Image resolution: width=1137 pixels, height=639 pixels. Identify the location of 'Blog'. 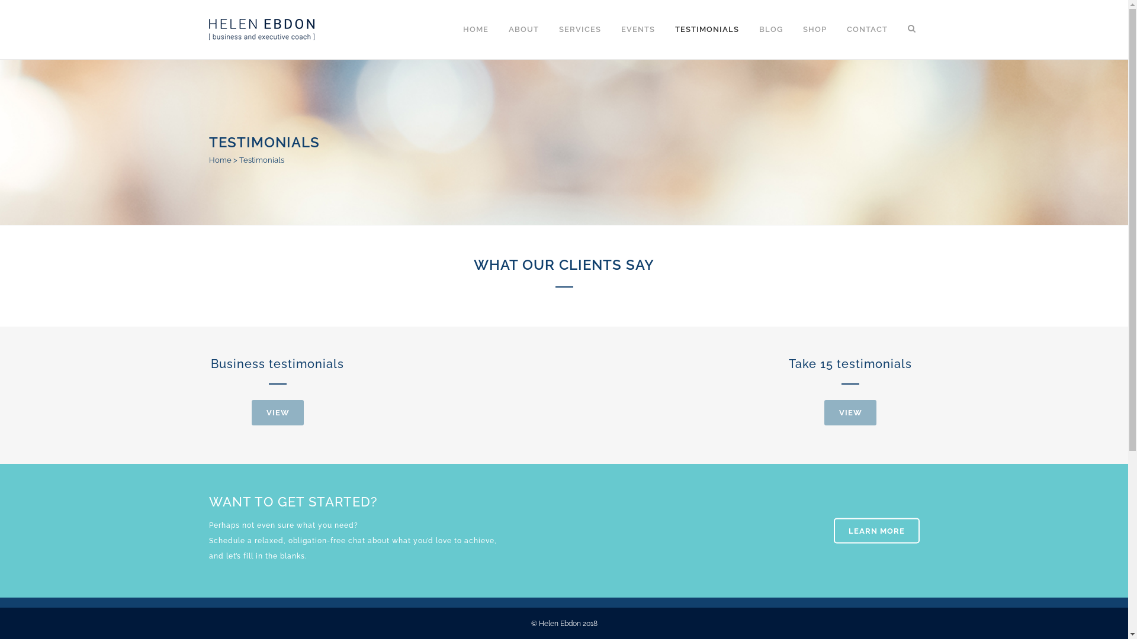
(575, 485).